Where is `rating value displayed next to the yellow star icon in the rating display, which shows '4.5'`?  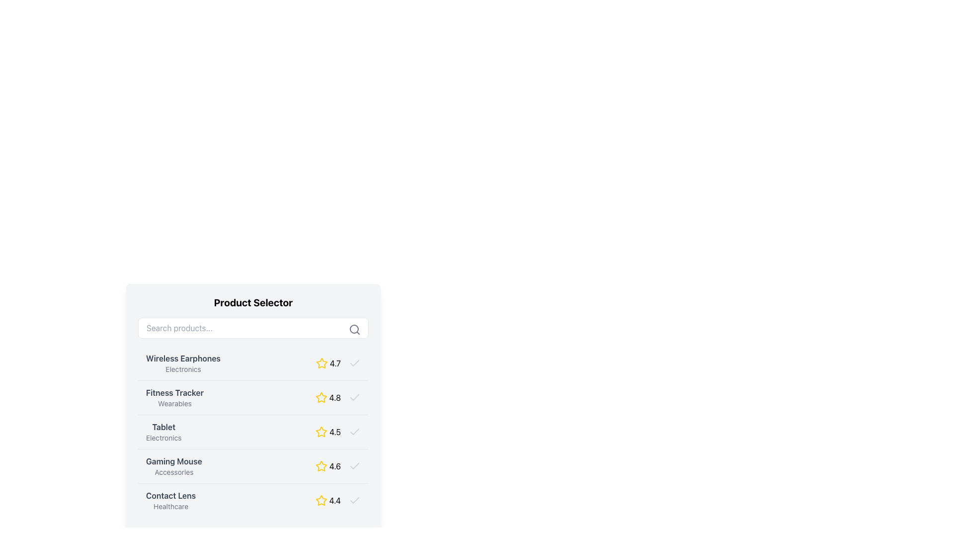
rating value displayed next to the yellow star icon in the rating display, which shows '4.5' is located at coordinates (338, 431).